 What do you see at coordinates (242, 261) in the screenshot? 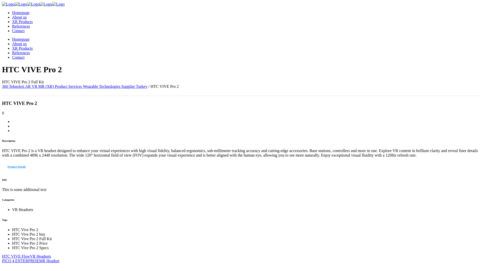
I see `'PICO 4 ENTERPRISEMR Headset'` at bounding box center [242, 261].